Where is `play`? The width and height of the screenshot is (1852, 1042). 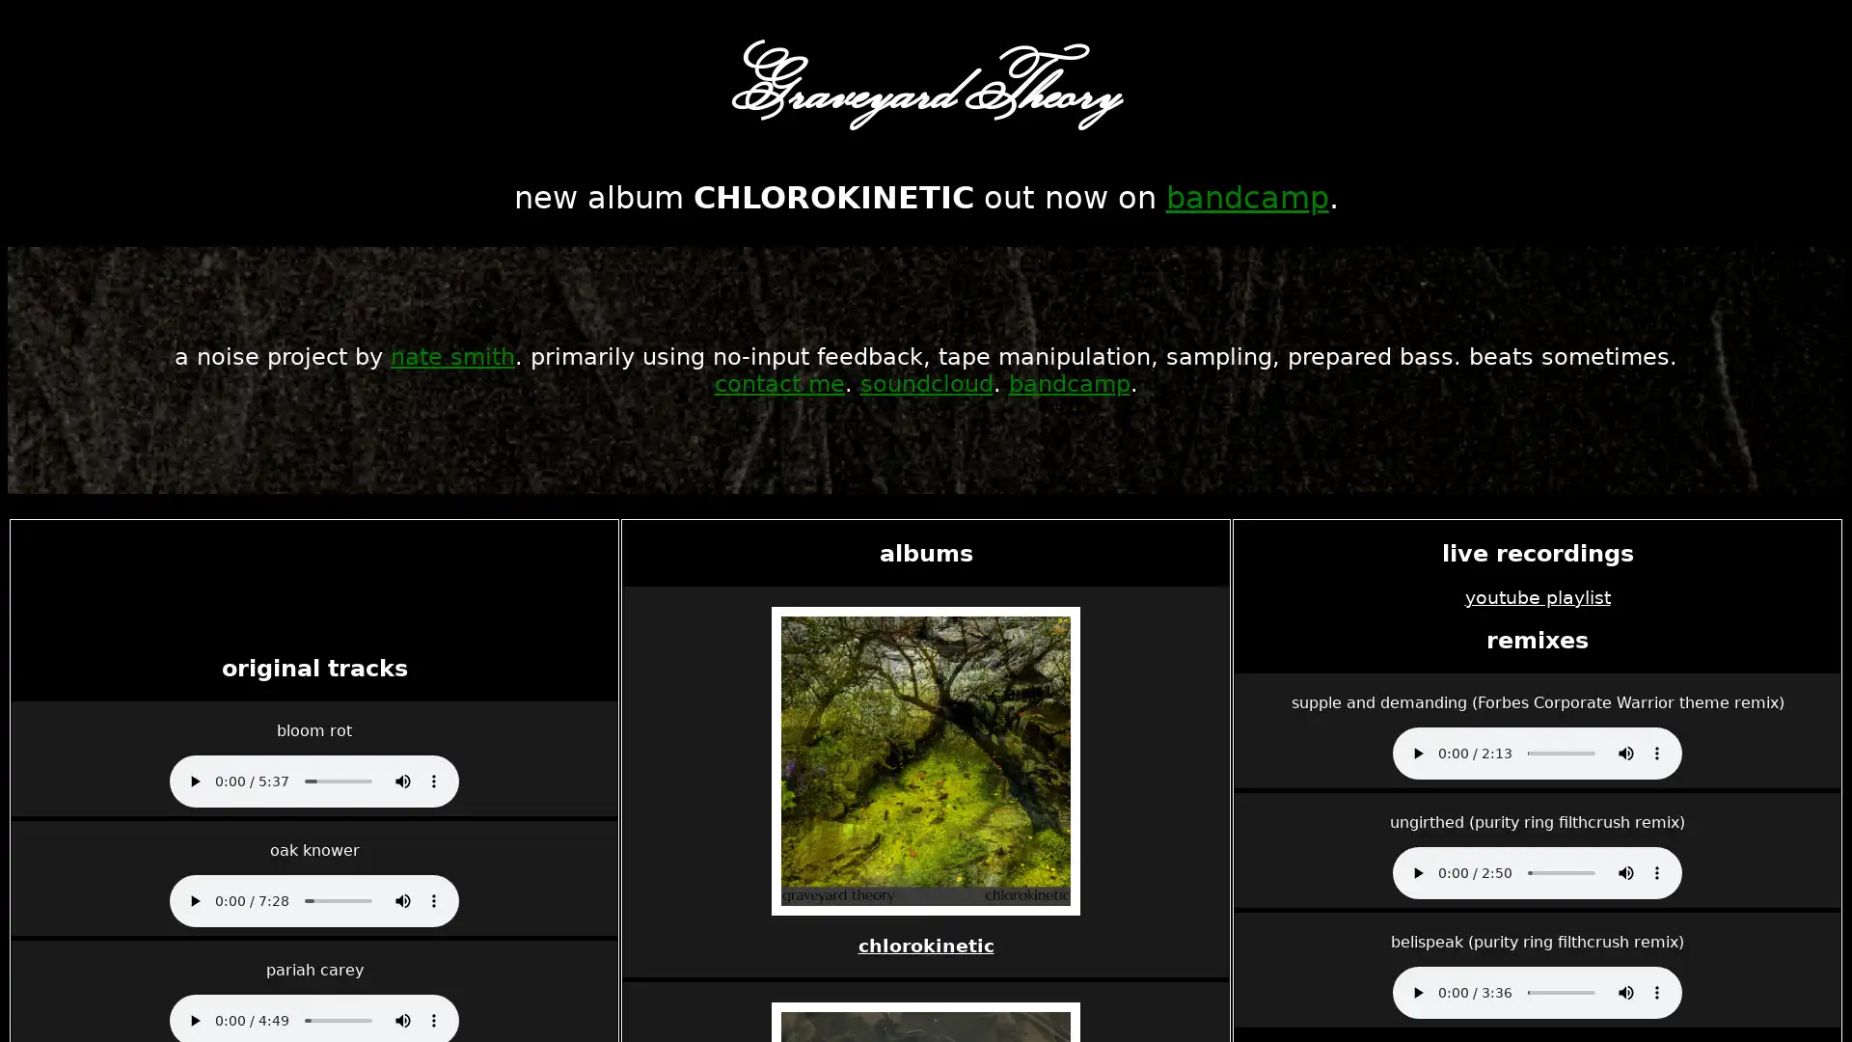 play is located at coordinates (194, 900).